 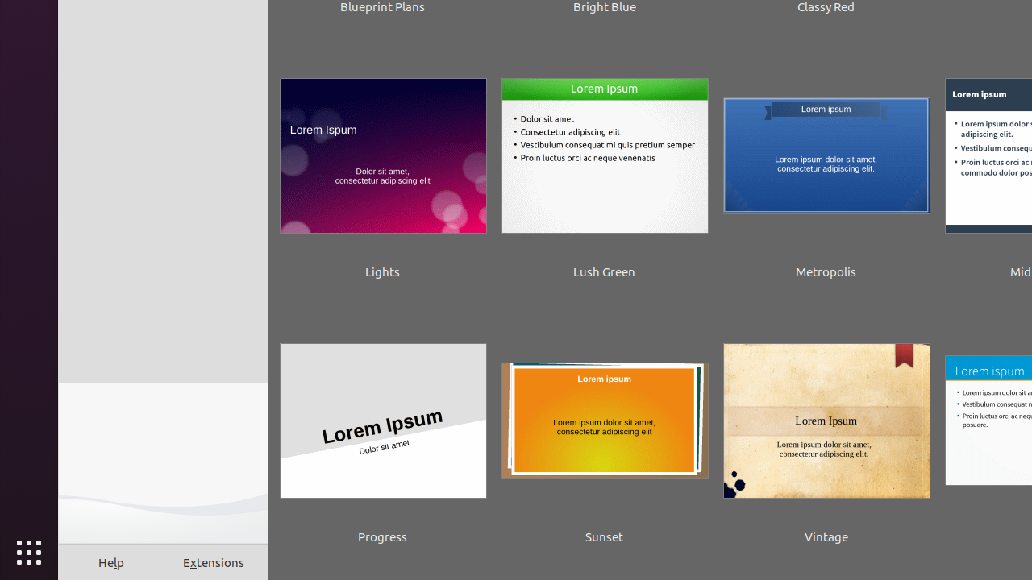 I want to click on 'Vintage', so click(x=826, y=431).